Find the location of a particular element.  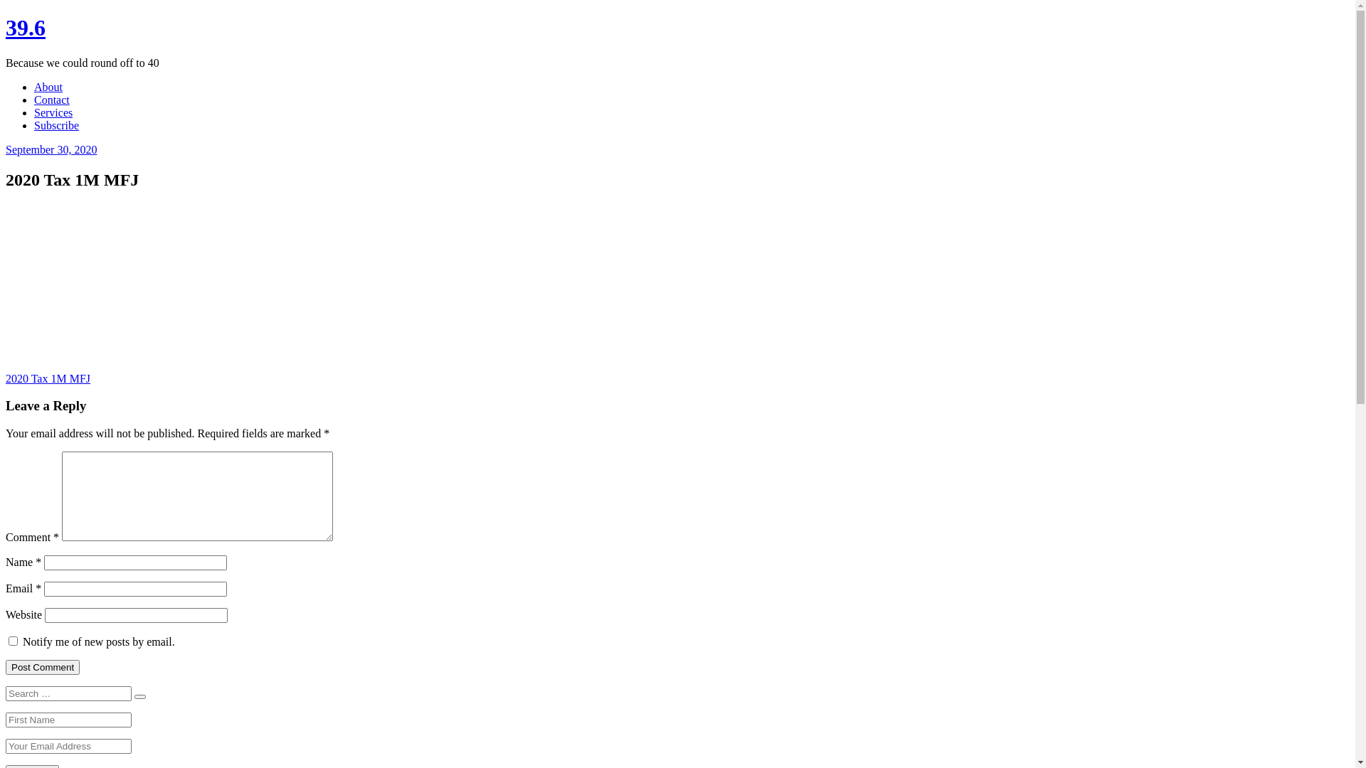

'Post Comment' is located at coordinates (42, 667).